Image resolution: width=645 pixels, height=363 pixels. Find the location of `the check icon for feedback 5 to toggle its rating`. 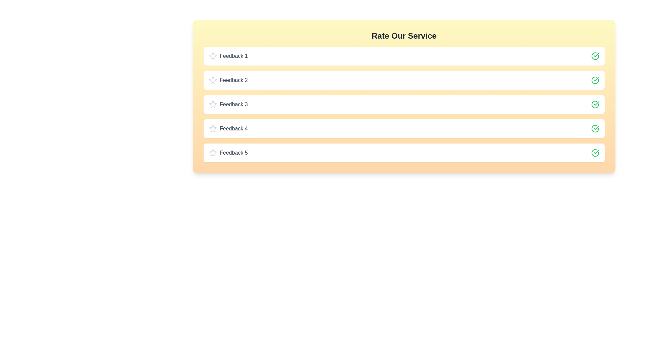

the check icon for feedback 5 to toggle its rating is located at coordinates (595, 153).